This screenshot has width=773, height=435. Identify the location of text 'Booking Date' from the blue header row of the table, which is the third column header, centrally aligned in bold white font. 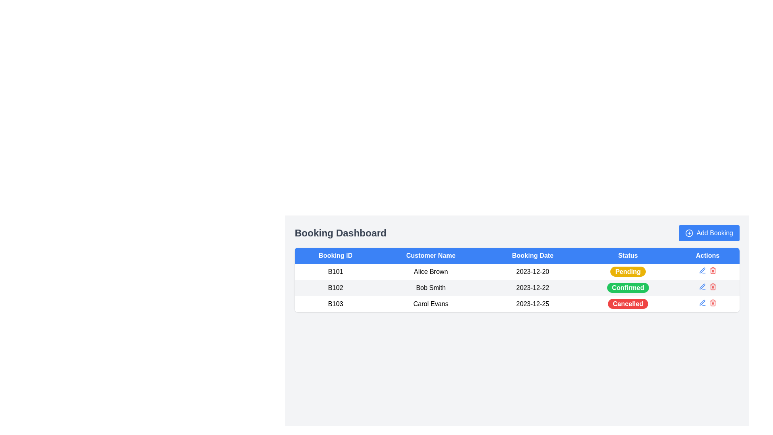
(533, 256).